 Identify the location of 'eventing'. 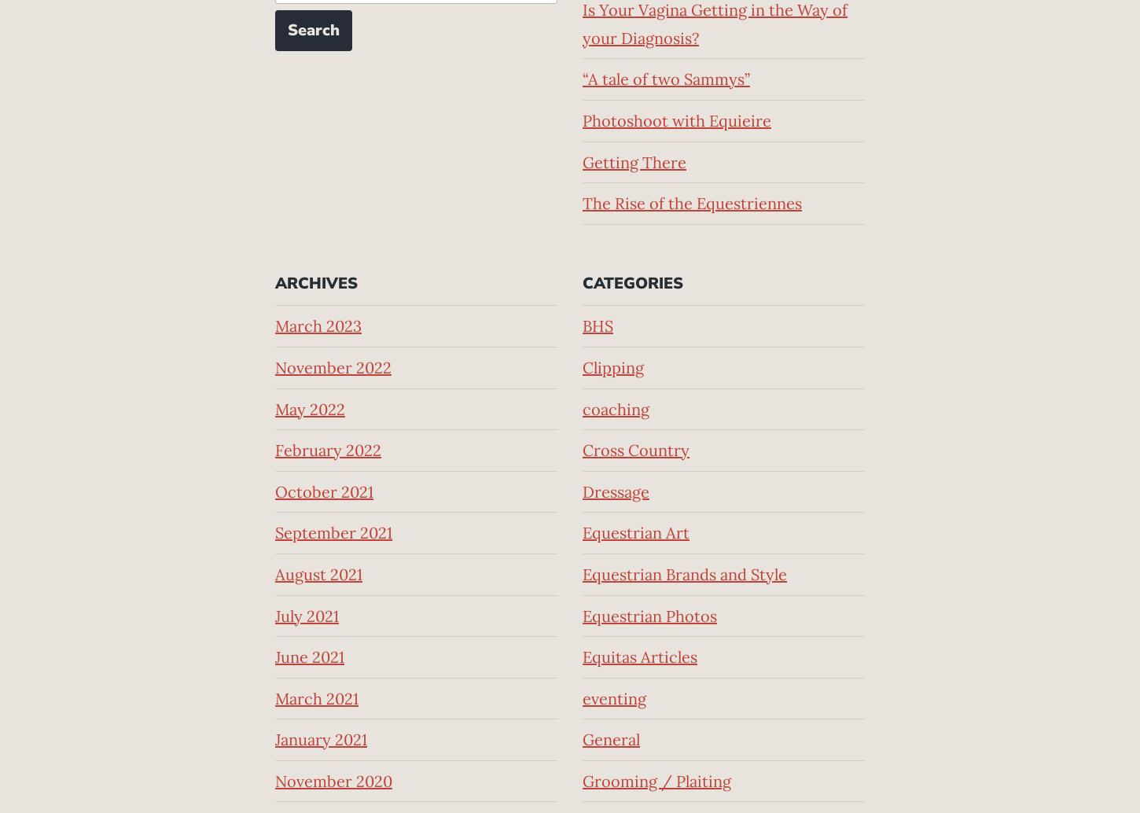
(582, 697).